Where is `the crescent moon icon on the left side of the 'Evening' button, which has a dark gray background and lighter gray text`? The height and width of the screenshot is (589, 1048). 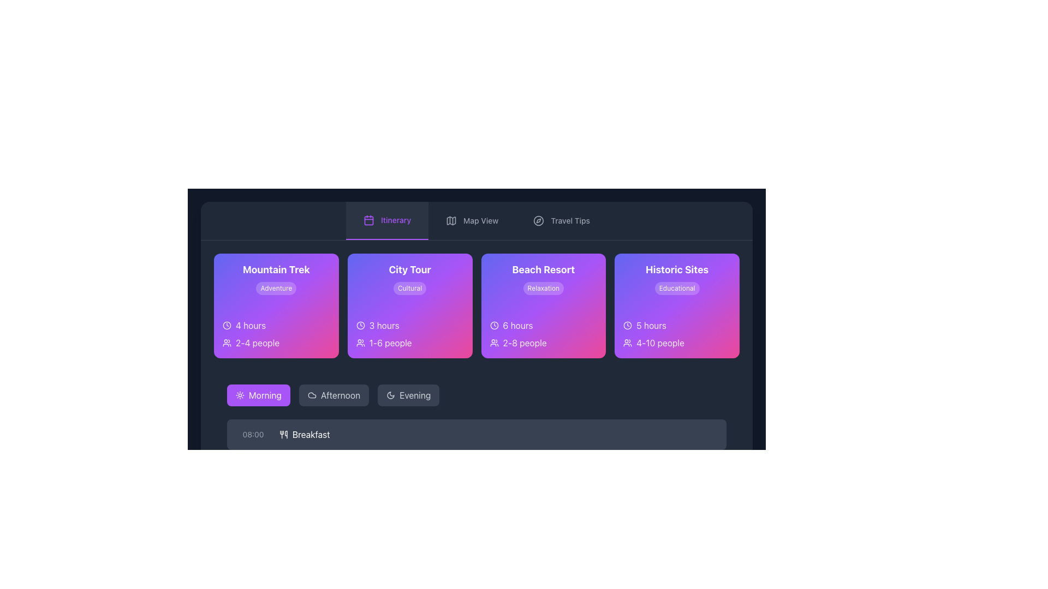 the crescent moon icon on the left side of the 'Evening' button, which has a dark gray background and lighter gray text is located at coordinates (390, 395).